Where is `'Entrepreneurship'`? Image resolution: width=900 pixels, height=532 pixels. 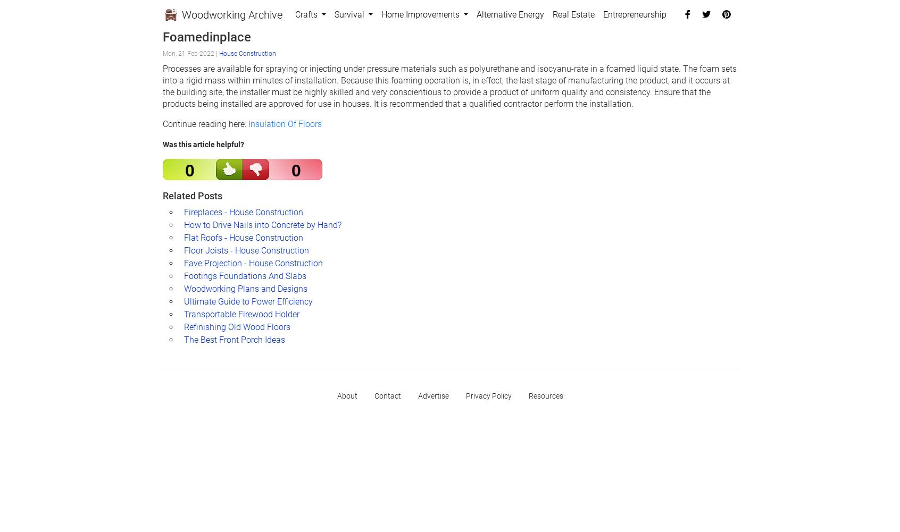
'Entrepreneurship' is located at coordinates (634, 14).